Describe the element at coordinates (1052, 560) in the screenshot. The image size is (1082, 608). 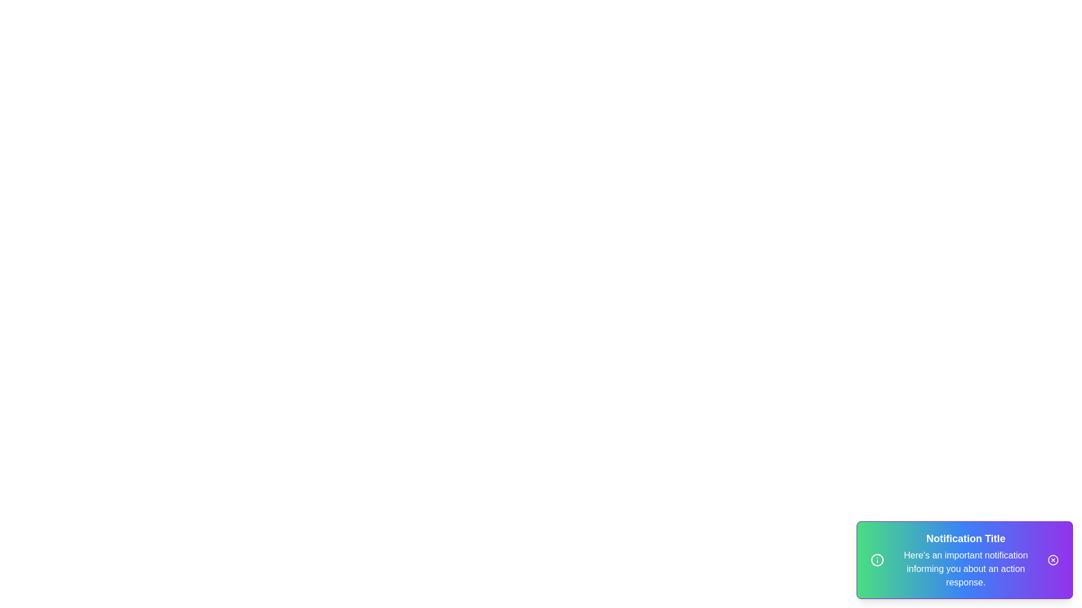
I see `the close button to dismiss the alert` at that location.